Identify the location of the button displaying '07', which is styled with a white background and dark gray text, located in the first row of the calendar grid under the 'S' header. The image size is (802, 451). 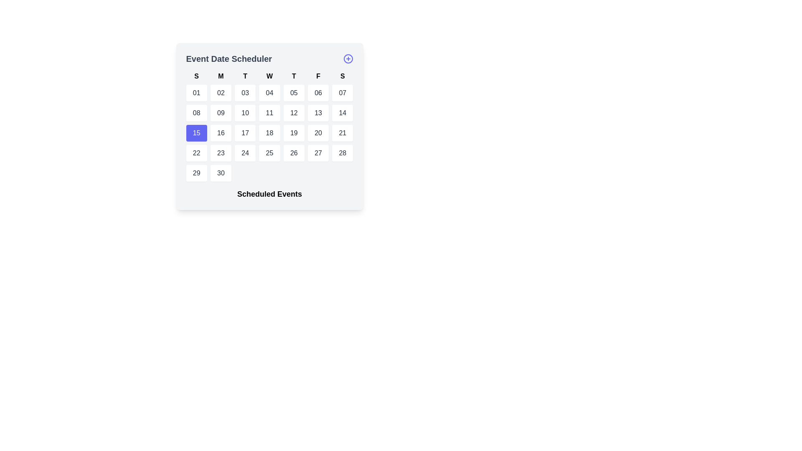
(343, 93).